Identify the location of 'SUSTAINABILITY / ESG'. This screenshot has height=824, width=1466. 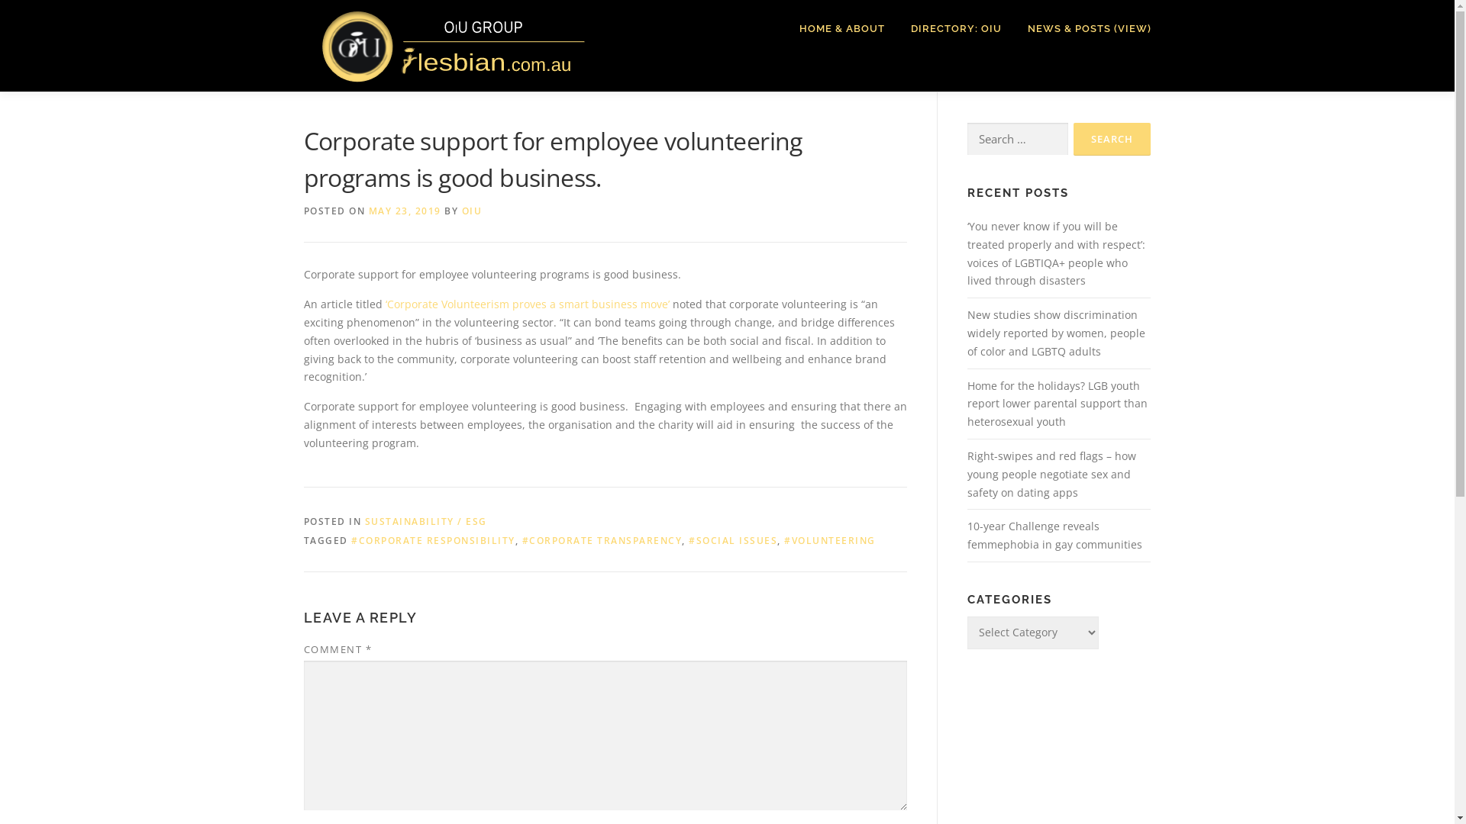
(425, 520).